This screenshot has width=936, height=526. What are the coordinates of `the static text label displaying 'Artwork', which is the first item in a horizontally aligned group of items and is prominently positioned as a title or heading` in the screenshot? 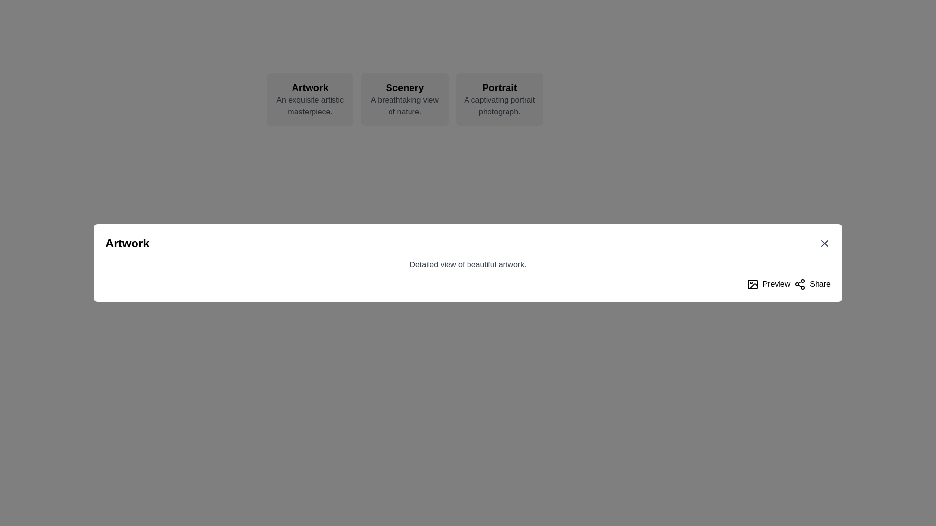 It's located at (310, 88).